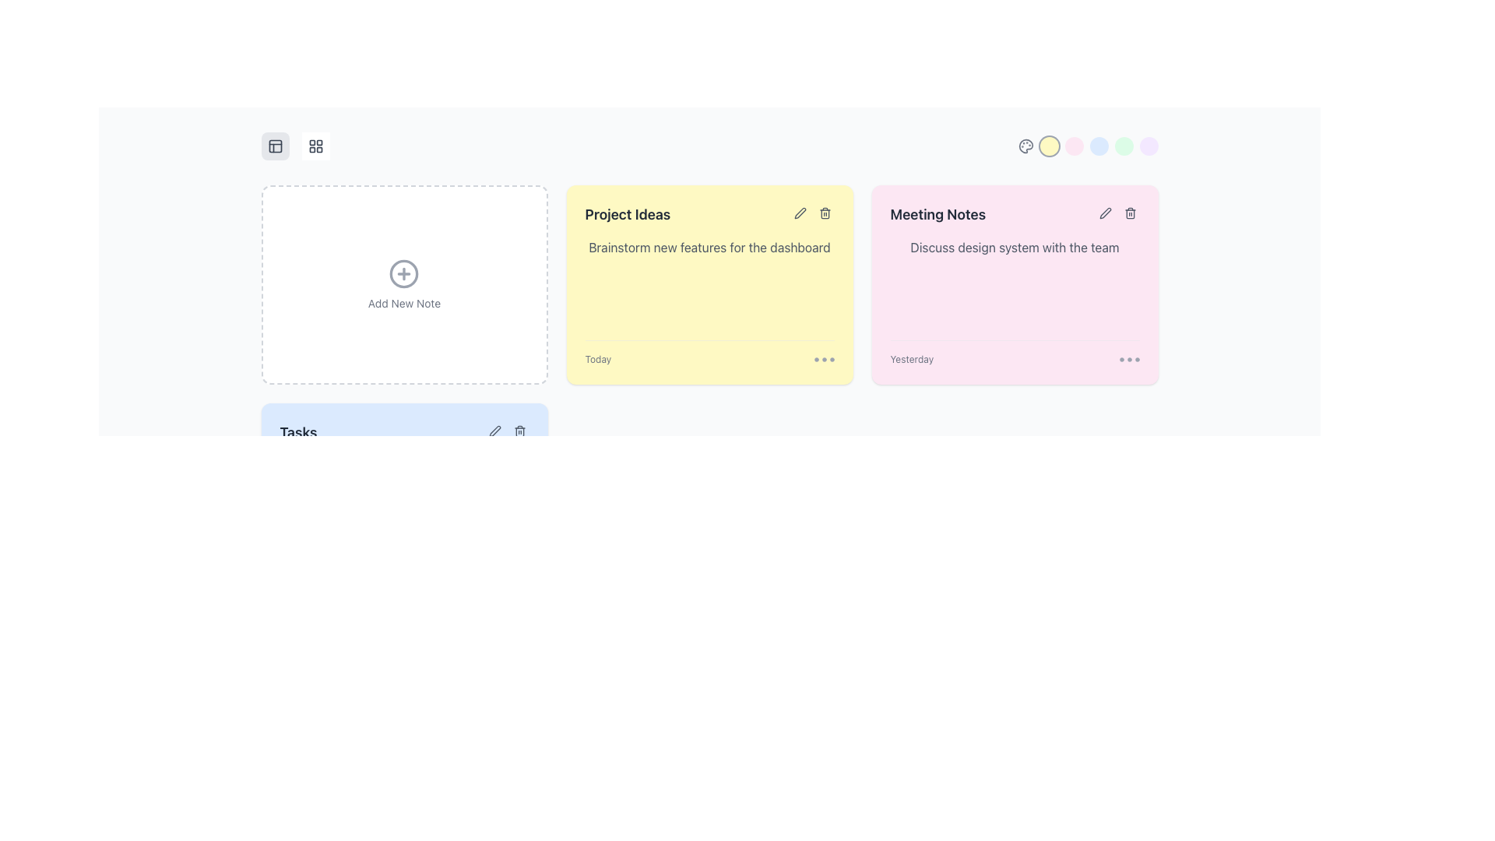  Describe the element at coordinates (519, 431) in the screenshot. I see `the trash icon button in the bottom-right corner of the 'Tasks' section` at that location.